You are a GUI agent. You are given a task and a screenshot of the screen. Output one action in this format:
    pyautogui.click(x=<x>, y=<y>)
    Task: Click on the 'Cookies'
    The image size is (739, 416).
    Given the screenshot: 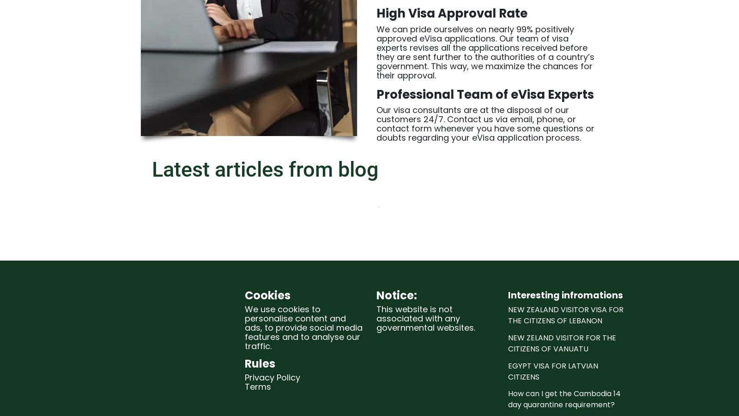 What is the action you would take?
    pyautogui.click(x=267, y=294)
    